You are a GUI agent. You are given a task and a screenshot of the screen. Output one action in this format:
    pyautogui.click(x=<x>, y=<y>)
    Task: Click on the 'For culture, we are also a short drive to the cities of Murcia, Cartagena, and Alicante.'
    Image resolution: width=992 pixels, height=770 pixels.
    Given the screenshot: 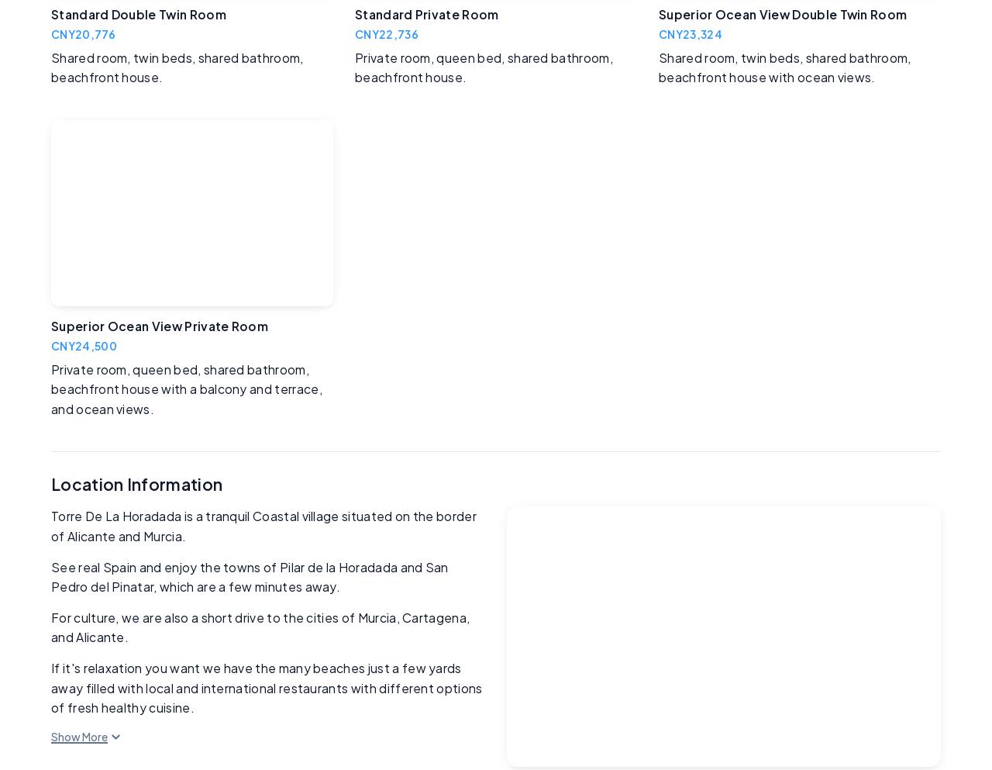 What is the action you would take?
    pyautogui.click(x=260, y=627)
    